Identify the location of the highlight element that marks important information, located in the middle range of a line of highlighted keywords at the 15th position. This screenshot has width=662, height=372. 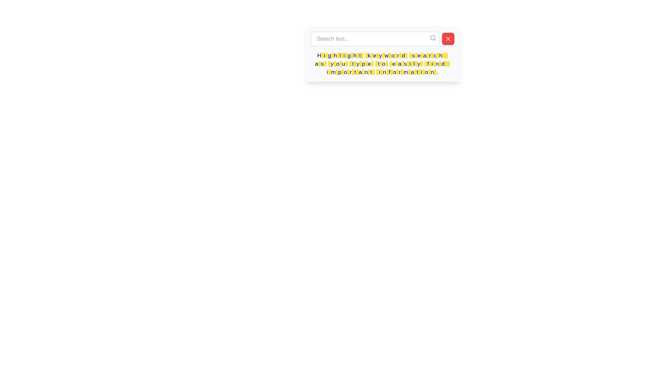
(396, 55).